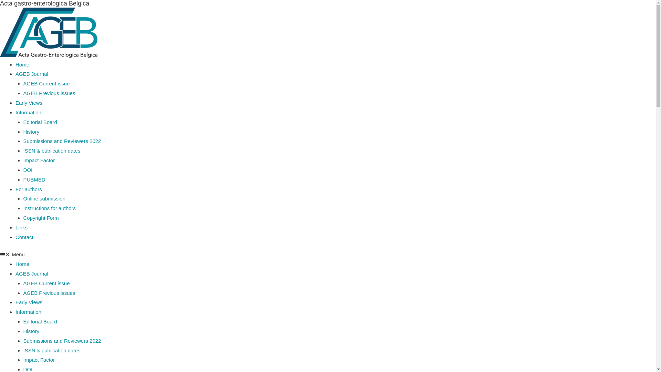  Describe the element at coordinates (23, 218) in the screenshot. I see `'Copyright Form'` at that location.